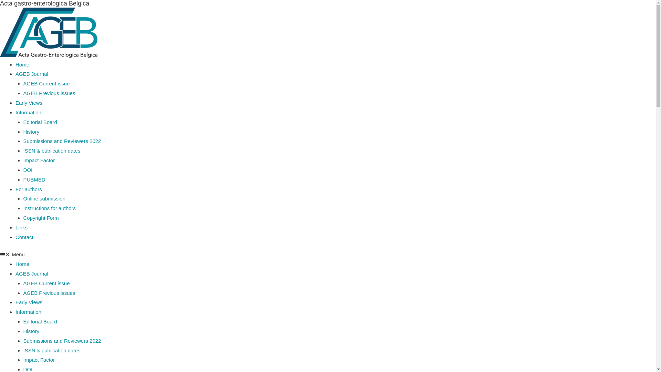  Describe the element at coordinates (23, 218) in the screenshot. I see `'Copyright Form'` at that location.